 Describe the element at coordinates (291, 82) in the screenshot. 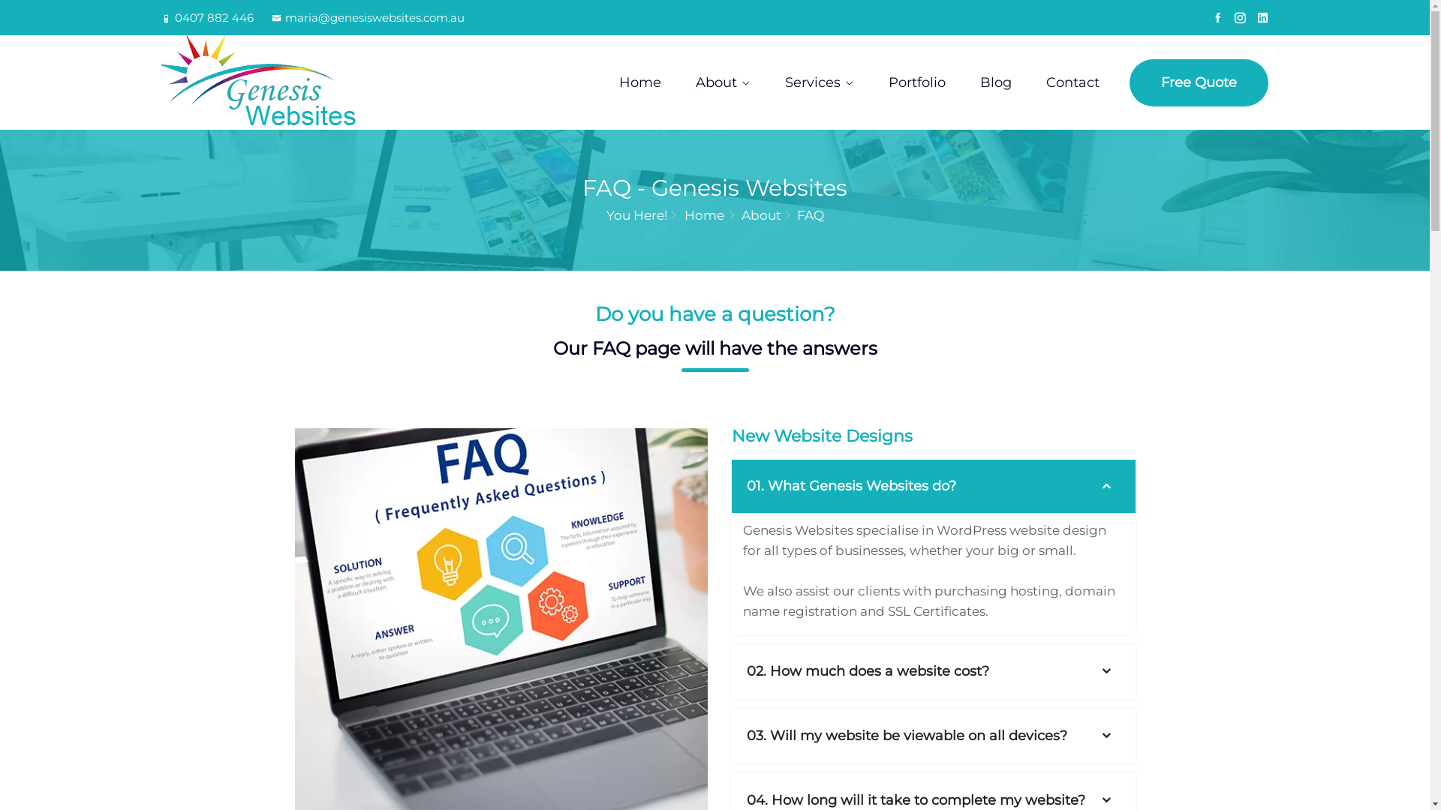

I see `'Genesis Websites'` at that location.